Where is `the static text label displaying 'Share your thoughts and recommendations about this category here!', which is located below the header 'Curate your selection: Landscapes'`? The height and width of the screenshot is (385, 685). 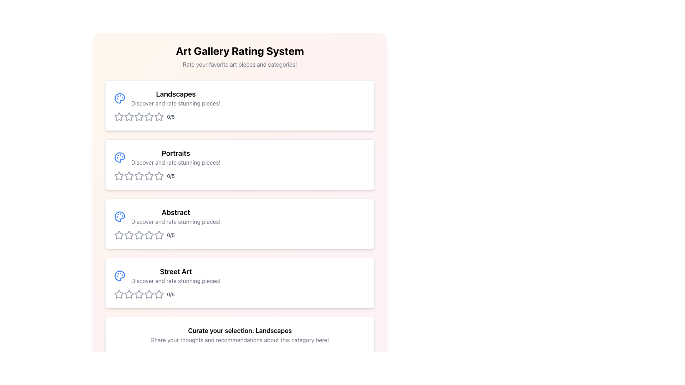
the static text label displaying 'Share your thoughts and recommendations about this category here!', which is located below the header 'Curate your selection: Landscapes' is located at coordinates (240, 339).